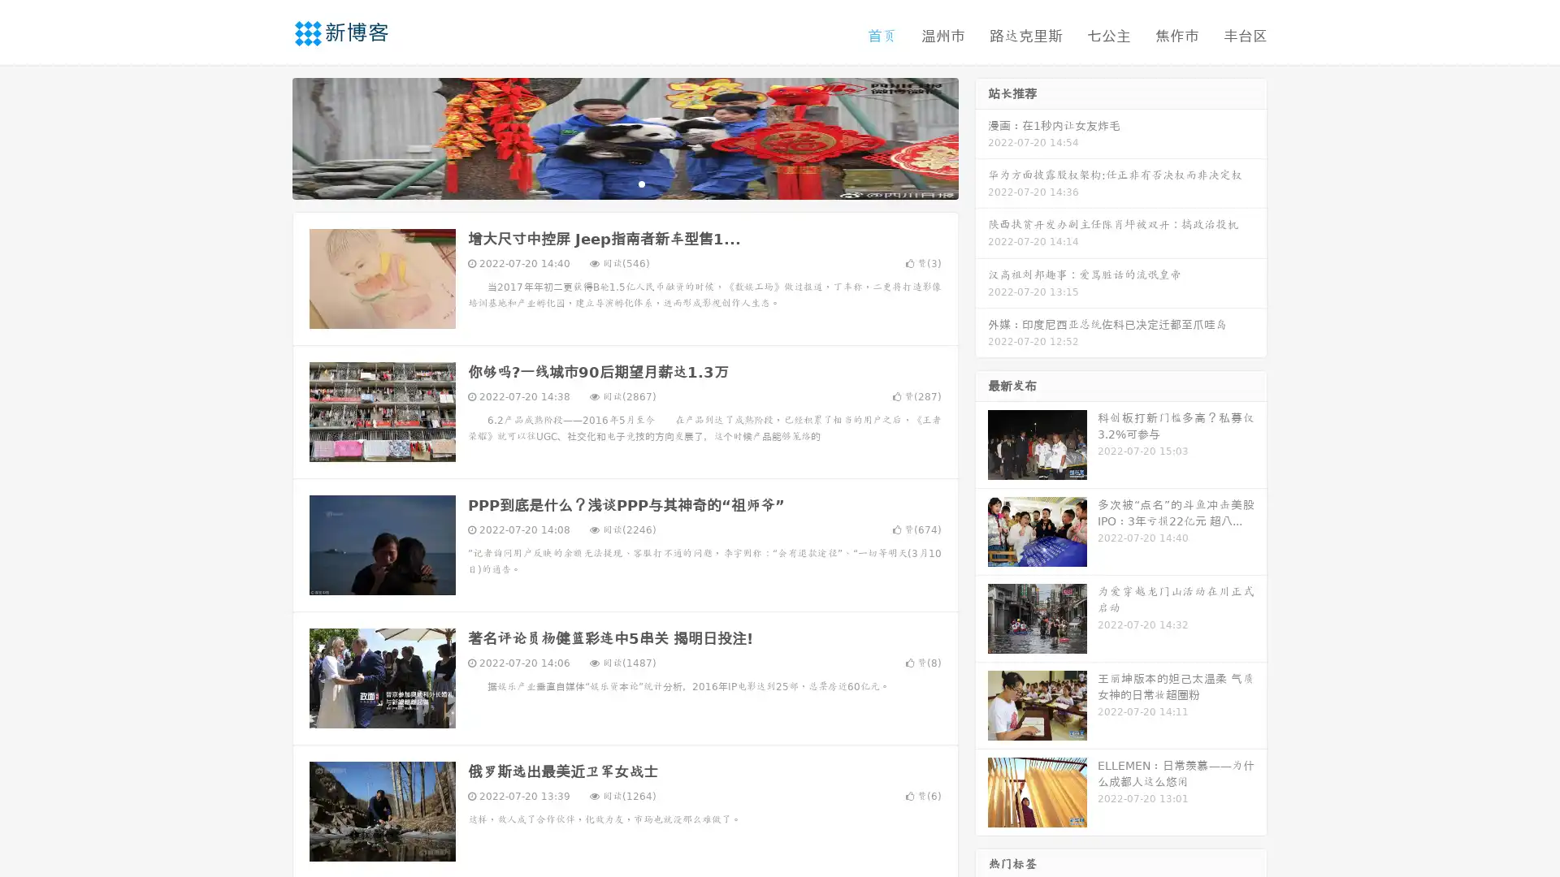 The width and height of the screenshot is (1560, 877). Describe the element at coordinates (608, 183) in the screenshot. I see `Go to slide 1` at that location.